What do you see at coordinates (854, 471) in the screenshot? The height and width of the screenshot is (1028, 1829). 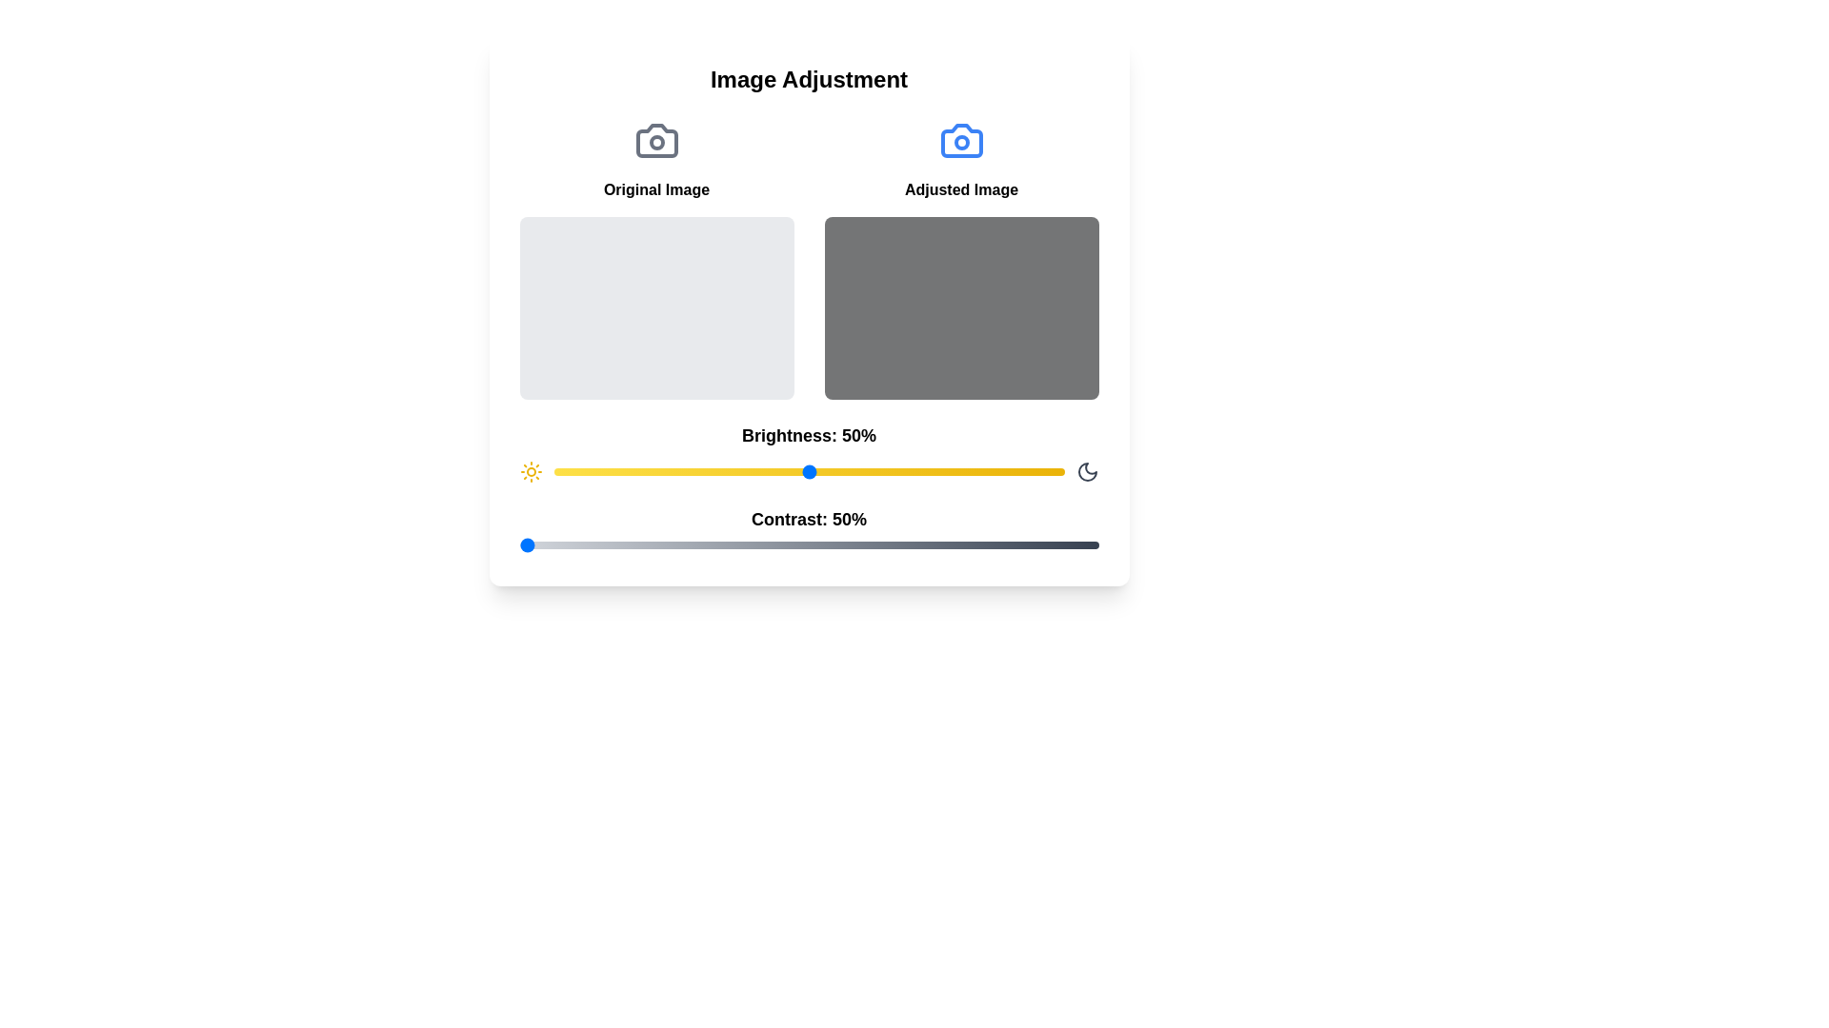 I see `the brightness` at bounding box center [854, 471].